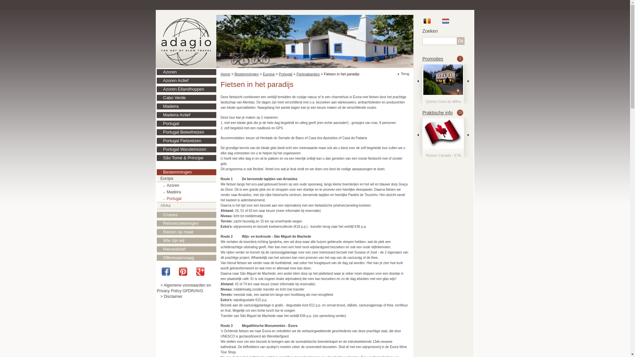 The height and width of the screenshot is (357, 635). Describe the element at coordinates (184, 288) in the screenshot. I see `'> Algemene voorwaarden en Privacy Policy GPDR/AVG'` at that location.